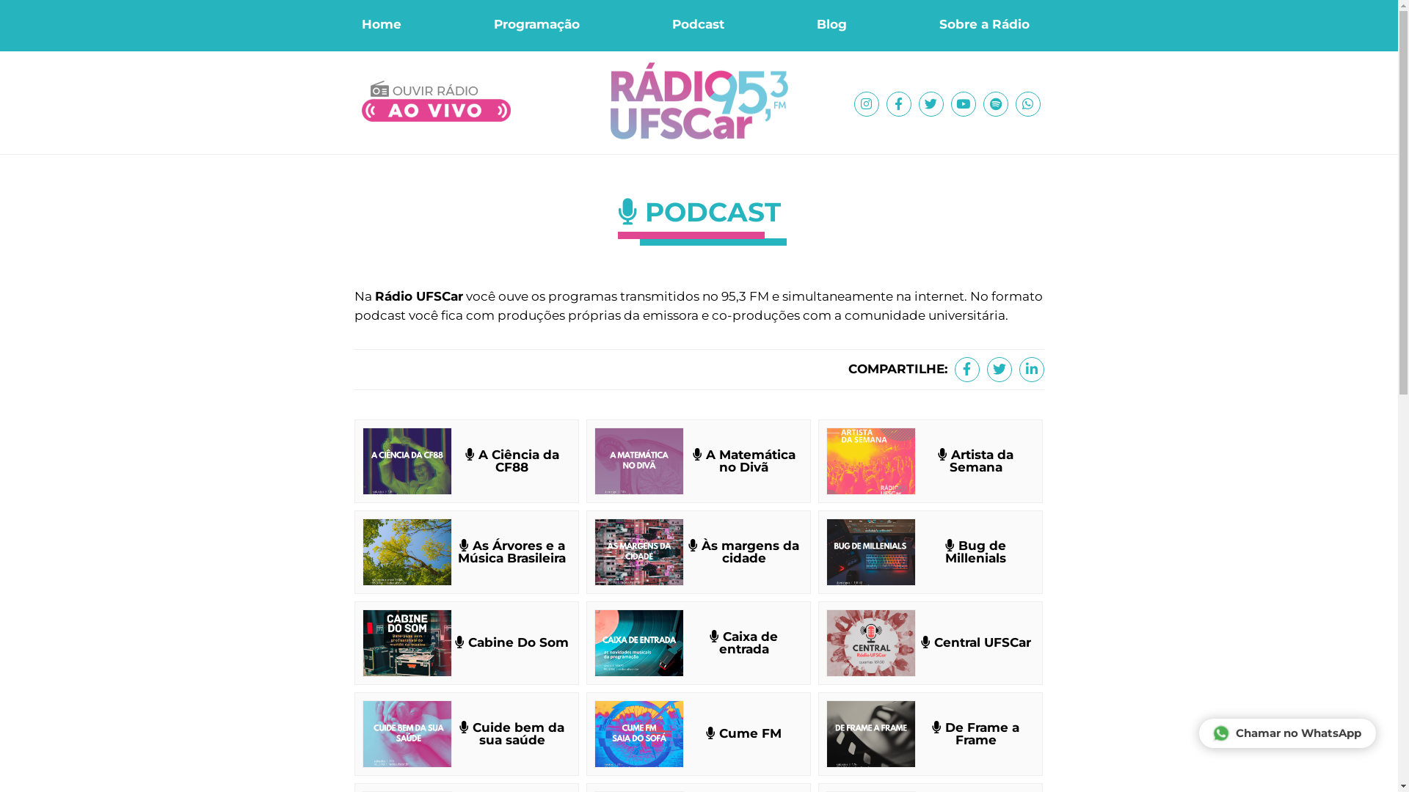  What do you see at coordinates (465, 642) in the screenshot?
I see `'Cabine Do Som'` at bounding box center [465, 642].